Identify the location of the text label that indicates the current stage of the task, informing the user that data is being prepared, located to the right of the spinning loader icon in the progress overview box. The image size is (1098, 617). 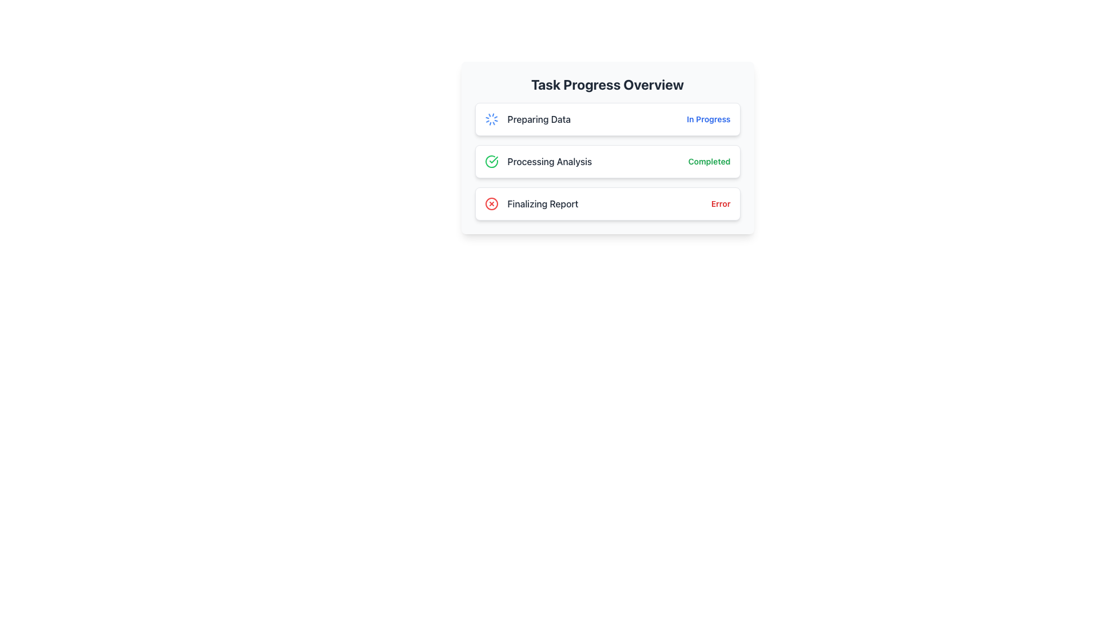
(538, 119).